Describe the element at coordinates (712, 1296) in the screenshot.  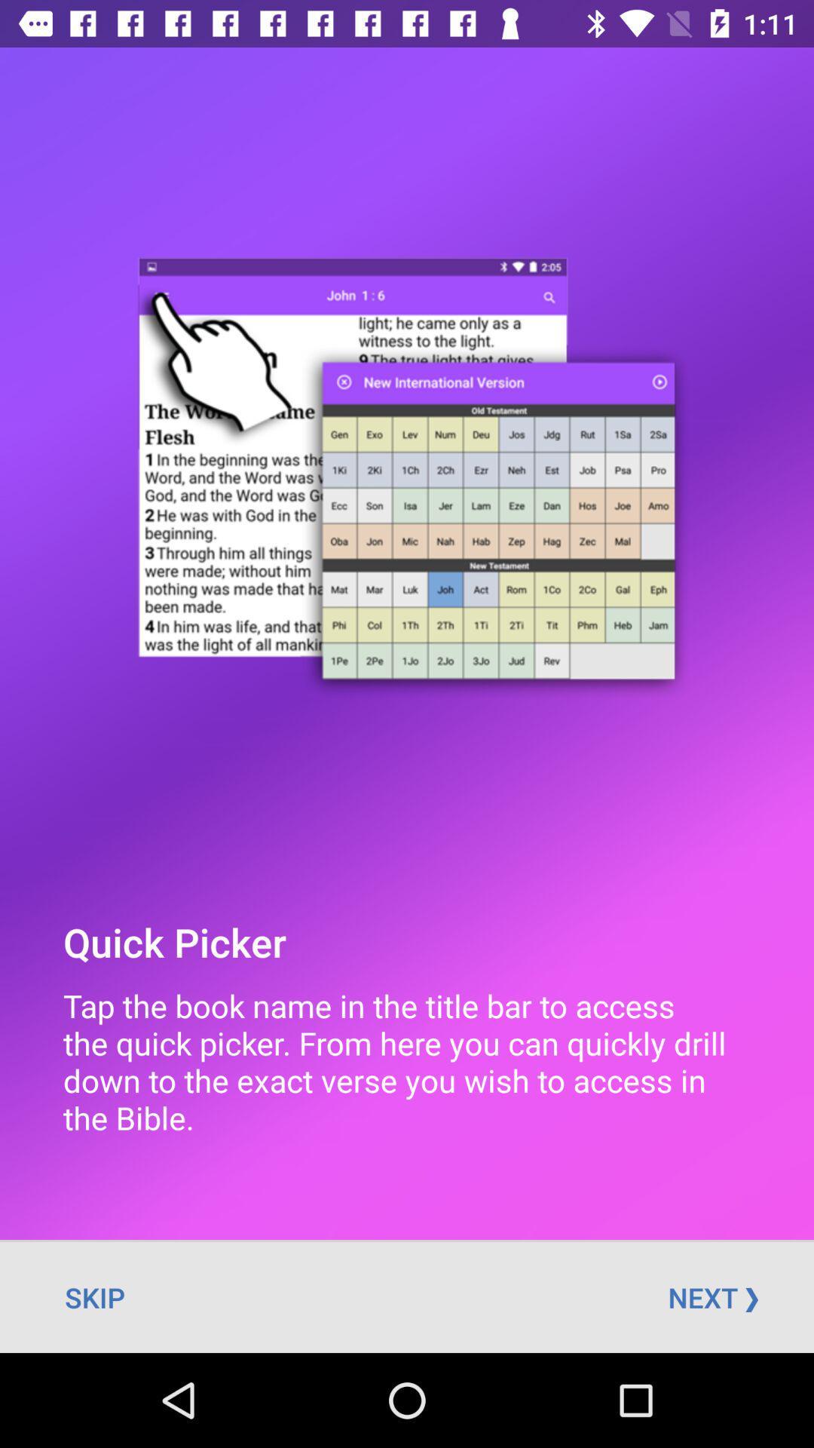
I see `the icon next to the skip` at that location.